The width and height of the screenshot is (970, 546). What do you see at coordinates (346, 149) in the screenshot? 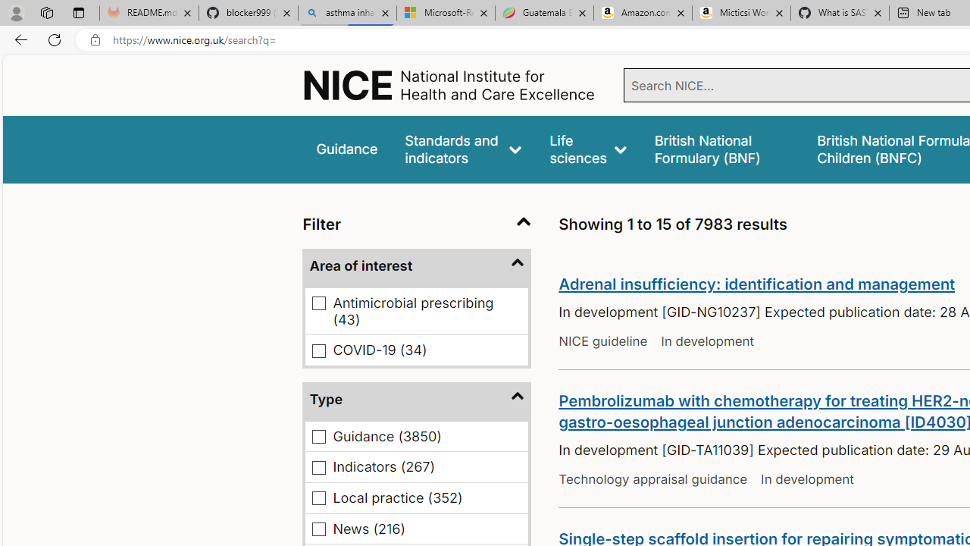
I see `'Guidance'` at bounding box center [346, 149].